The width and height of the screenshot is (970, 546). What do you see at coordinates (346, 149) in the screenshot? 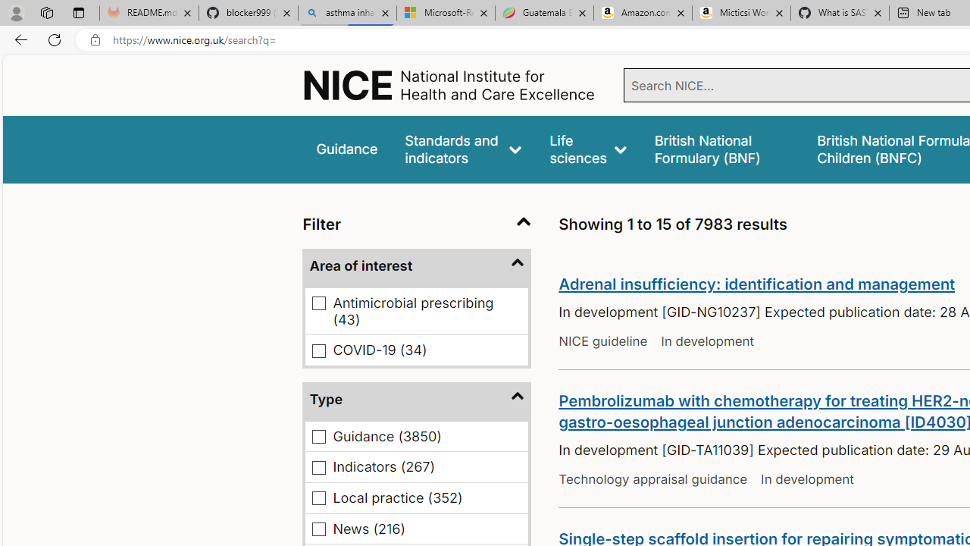
I see `'Guidance'` at bounding box center [346, 149].